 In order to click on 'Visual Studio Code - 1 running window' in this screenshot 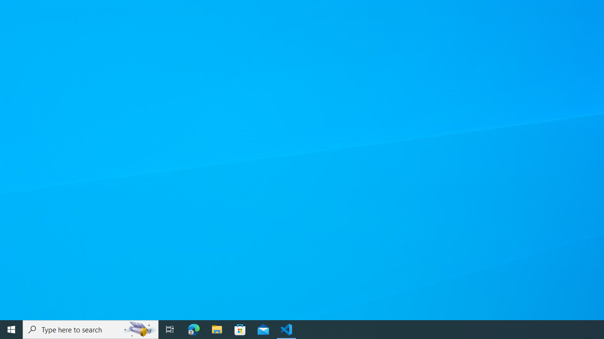, I will do `click(286, 329)`.